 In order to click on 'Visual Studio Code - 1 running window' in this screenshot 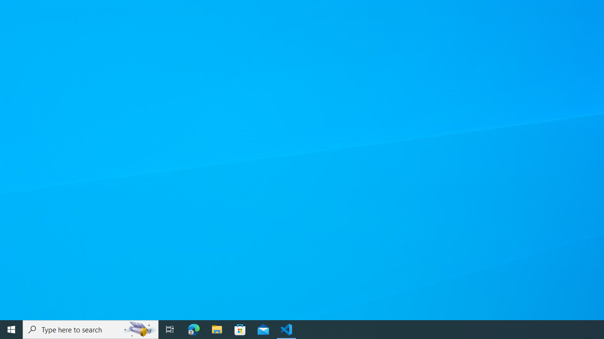, I will do `click(286, 329)`.